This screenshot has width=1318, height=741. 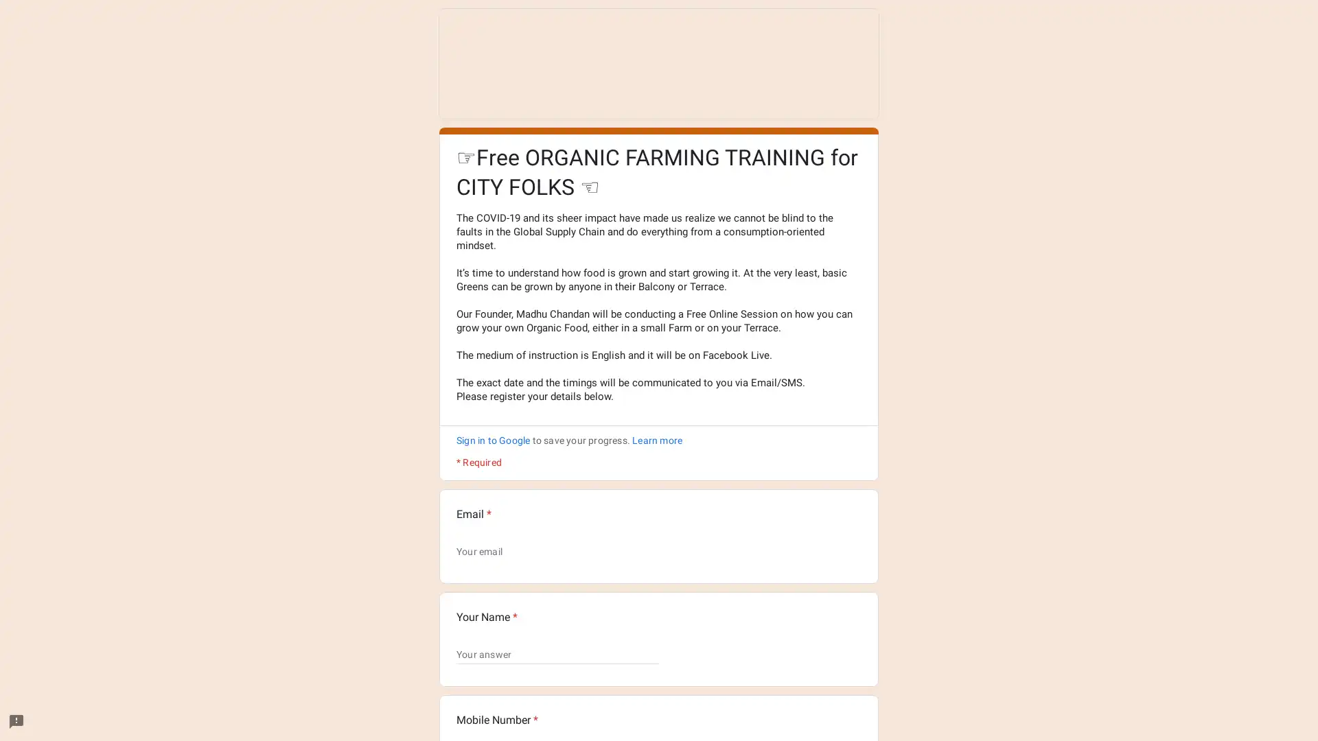 What do you see at coordinates (656, 439) in the screenshot?
I see `Learn more` at bounding box center [656, 439].